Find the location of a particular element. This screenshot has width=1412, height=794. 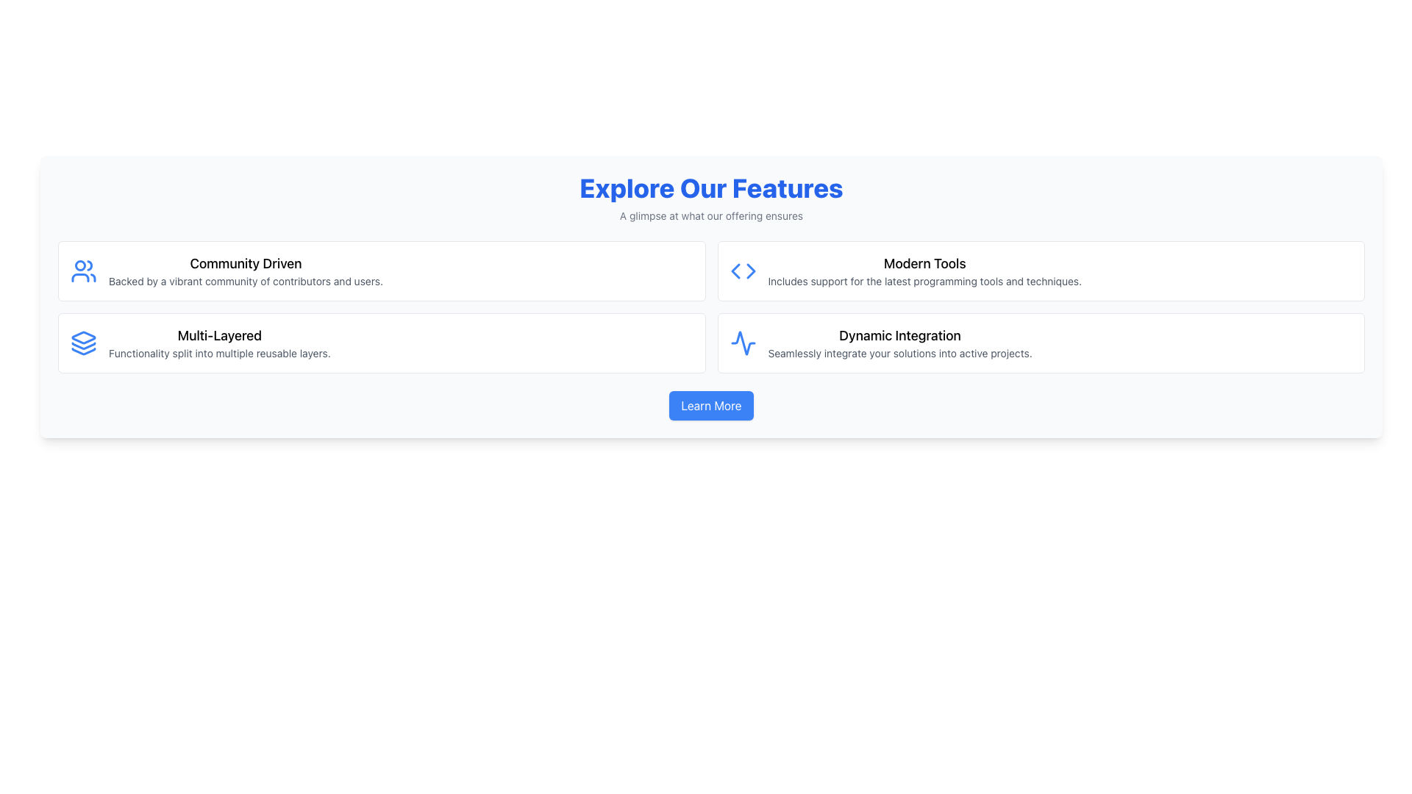

the Header text element which serves as a section title, positioned above the subtitle 'A glimpse at what our offering ensures' is located at coordinates (711, 187).